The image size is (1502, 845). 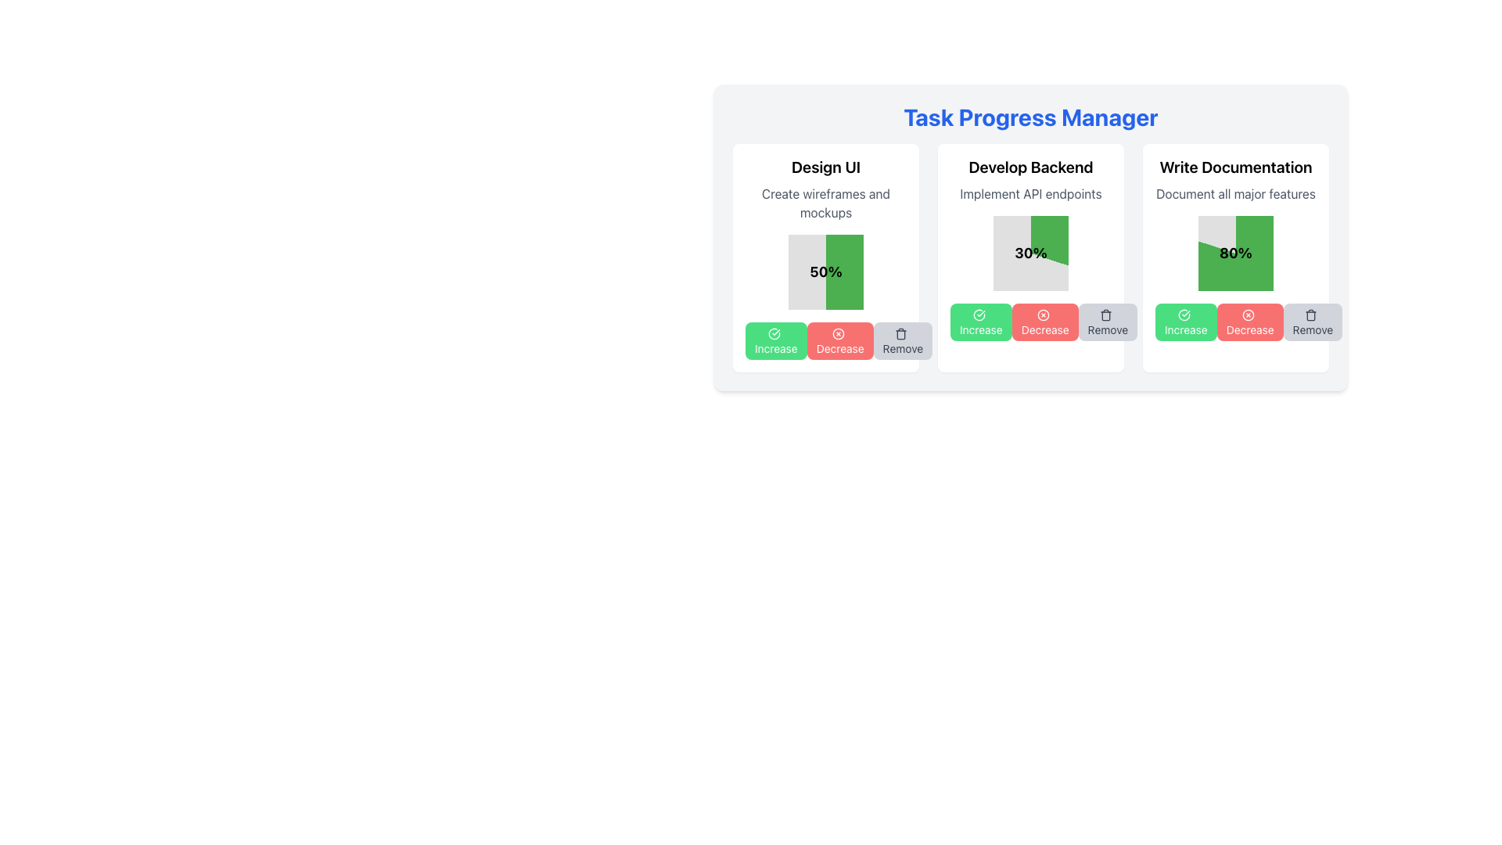 I want to click on the circular progress indicator that displays a 50% completion, located centrally within the 'Design UI' card, between the text 'Create wireframes and mockups' and the control buttons, so click(x=825, y=271).